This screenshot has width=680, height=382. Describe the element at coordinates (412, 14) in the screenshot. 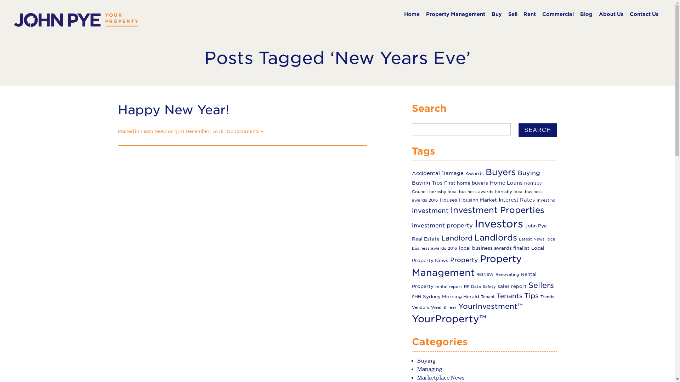

I see `'Home'` at that location.